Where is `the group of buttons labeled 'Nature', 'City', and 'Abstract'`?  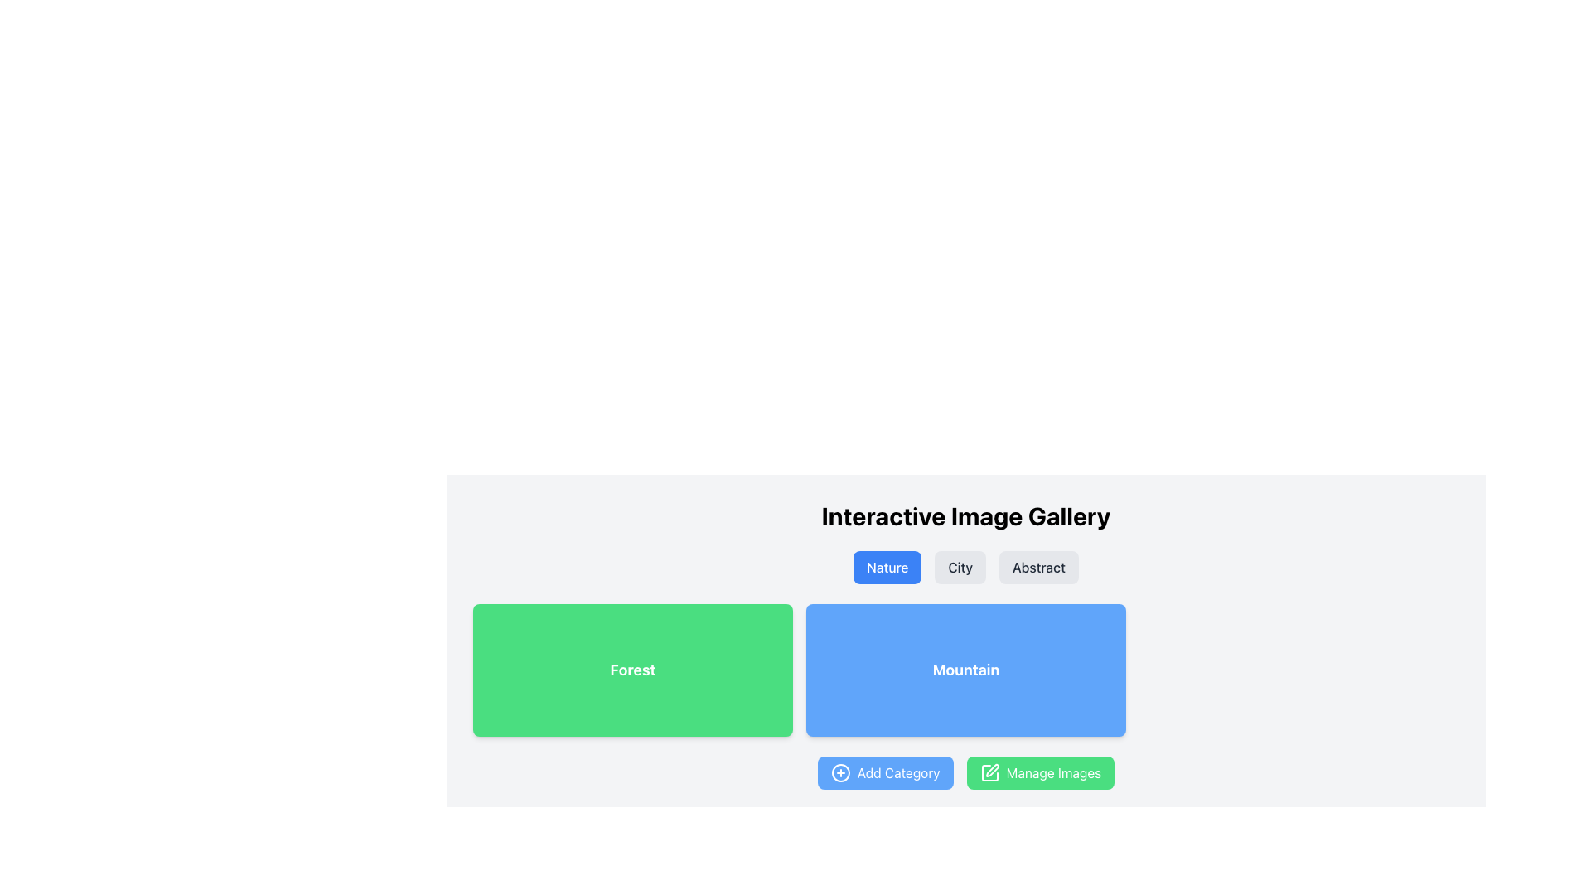
the group of buttons labeled 'Nature', 'City', and 'Abstract' is located at coordinates (966, 567).